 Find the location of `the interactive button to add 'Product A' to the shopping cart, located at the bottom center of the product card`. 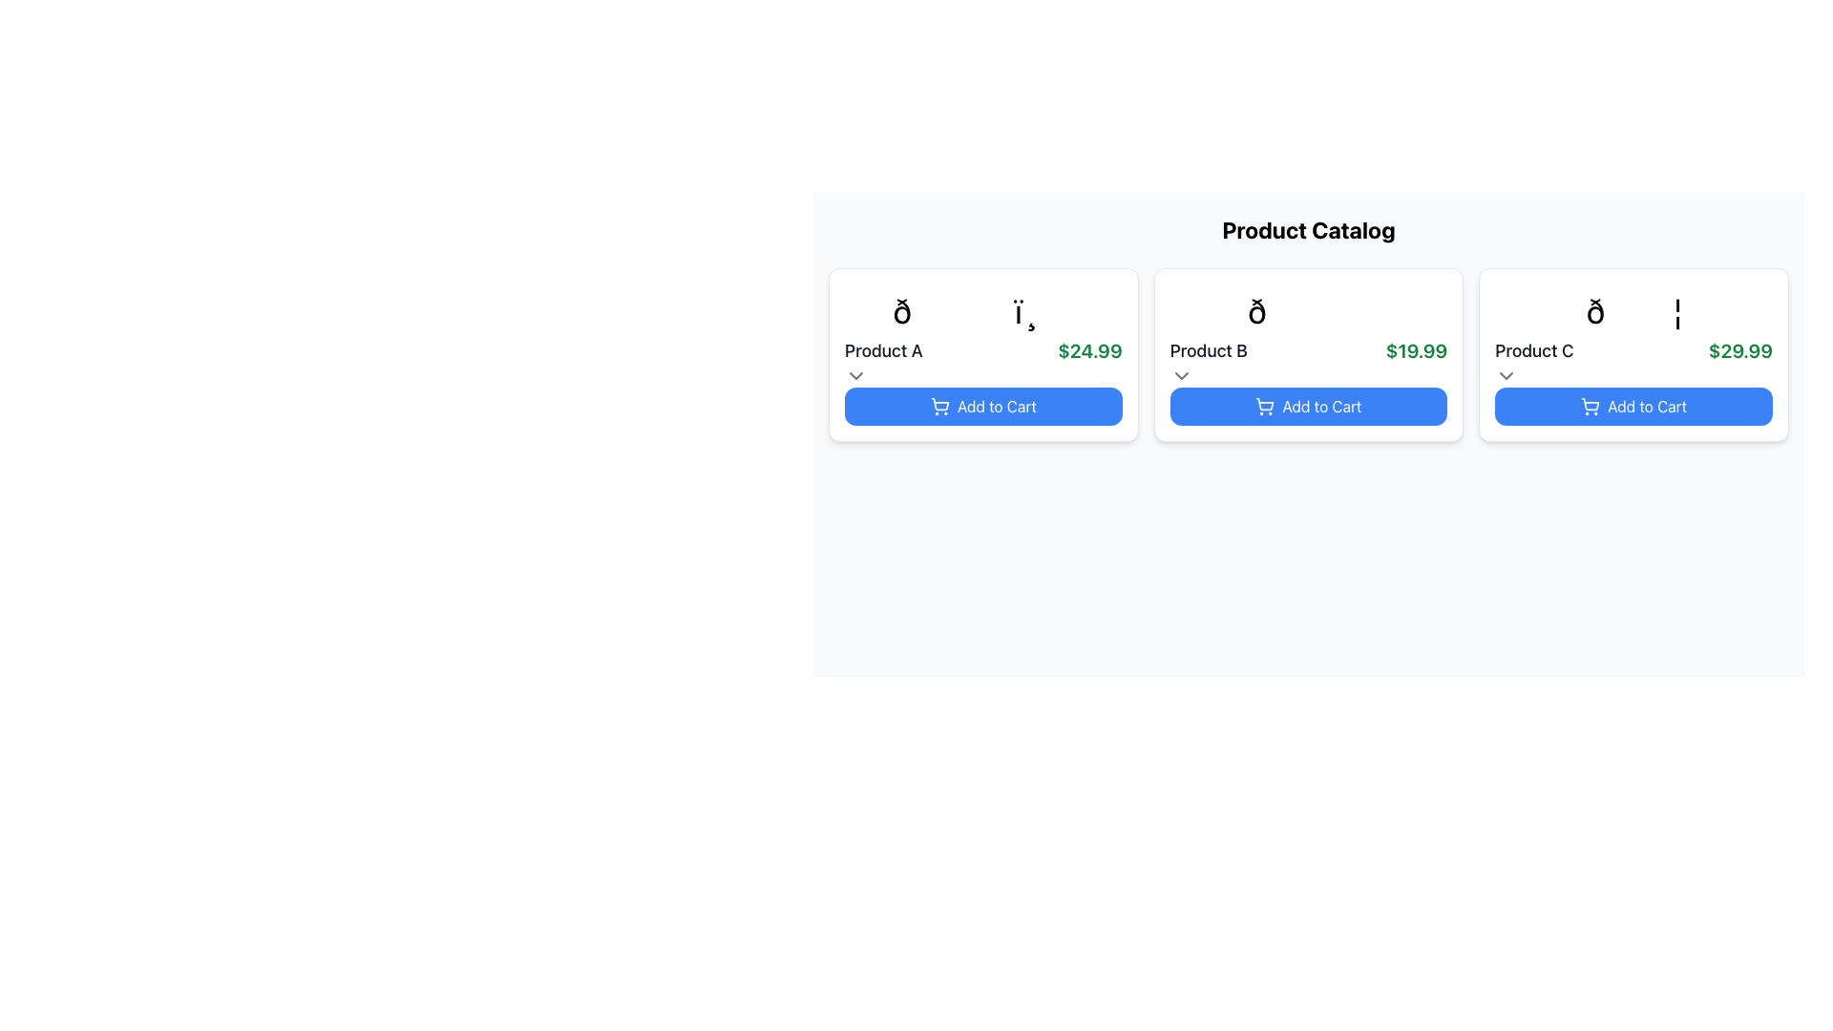

the interactive button to add 'Product A' to the shopping cart, located at the bottom center of the product card is located at coordinates (983, 405).